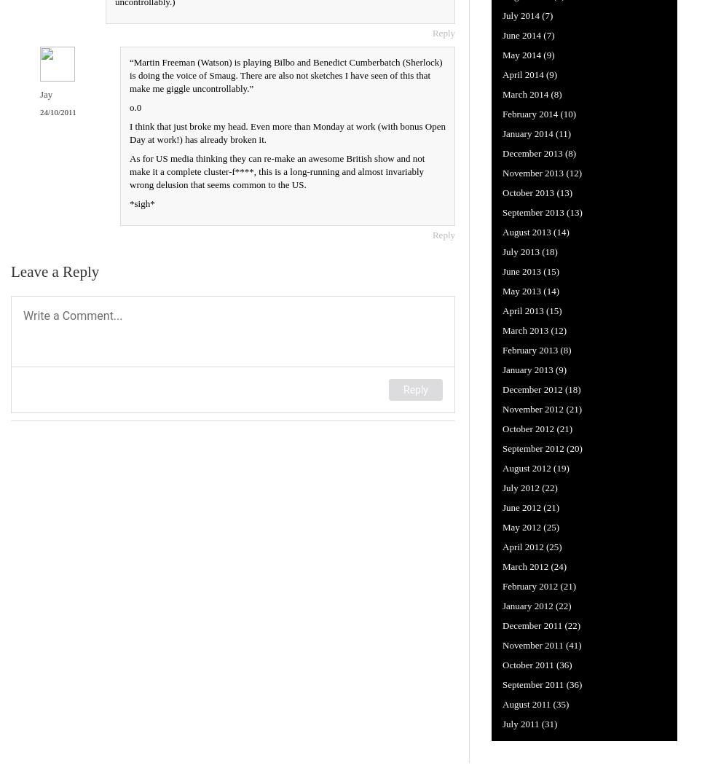 This screenshot has height=771, width=721. Describe the element at coordinates (503, 506) in the screenshot. I see `'June 2012'` at that location.